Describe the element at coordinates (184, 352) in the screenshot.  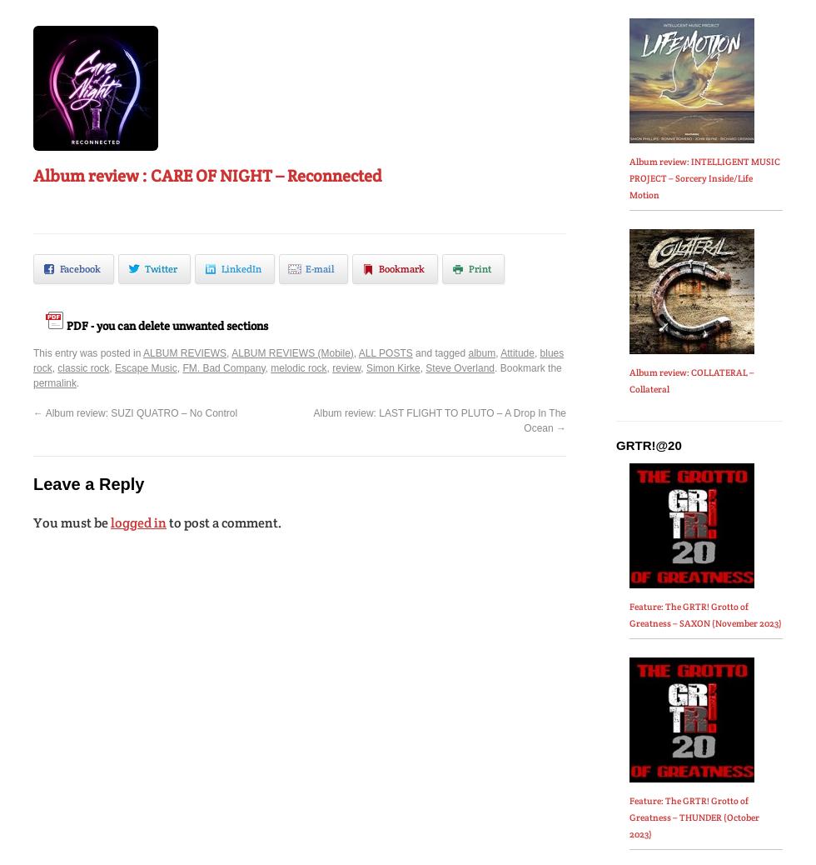
I see `'ALBUM REVIEWS'` at that location.